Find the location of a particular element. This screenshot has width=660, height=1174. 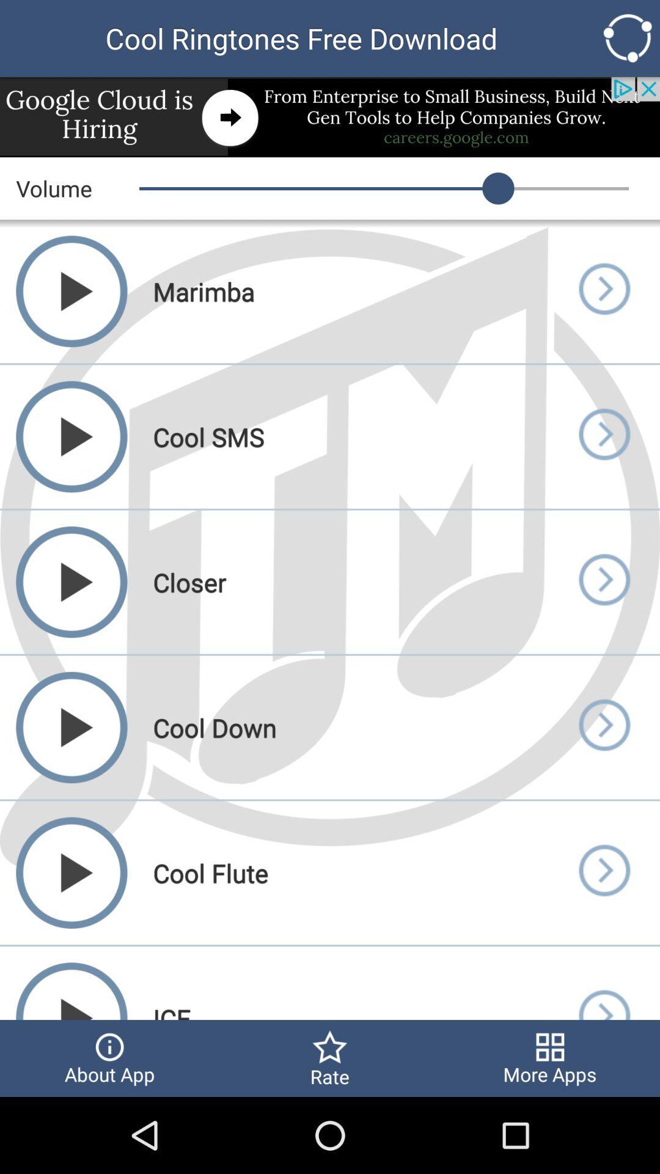

open menu is located at coordinates (603, 727).